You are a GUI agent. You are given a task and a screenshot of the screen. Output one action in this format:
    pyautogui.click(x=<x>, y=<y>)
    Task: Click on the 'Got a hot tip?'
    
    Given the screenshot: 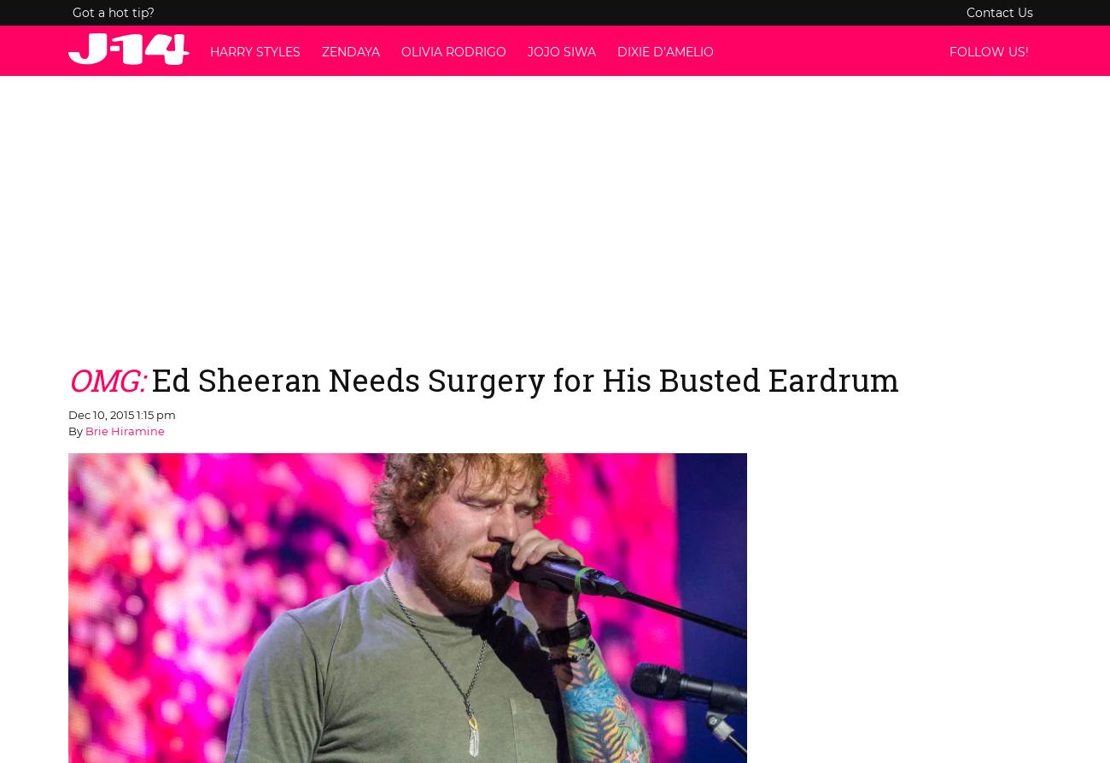 What is the action you would take?
    pyautogui.click(x=112, y=13)
    